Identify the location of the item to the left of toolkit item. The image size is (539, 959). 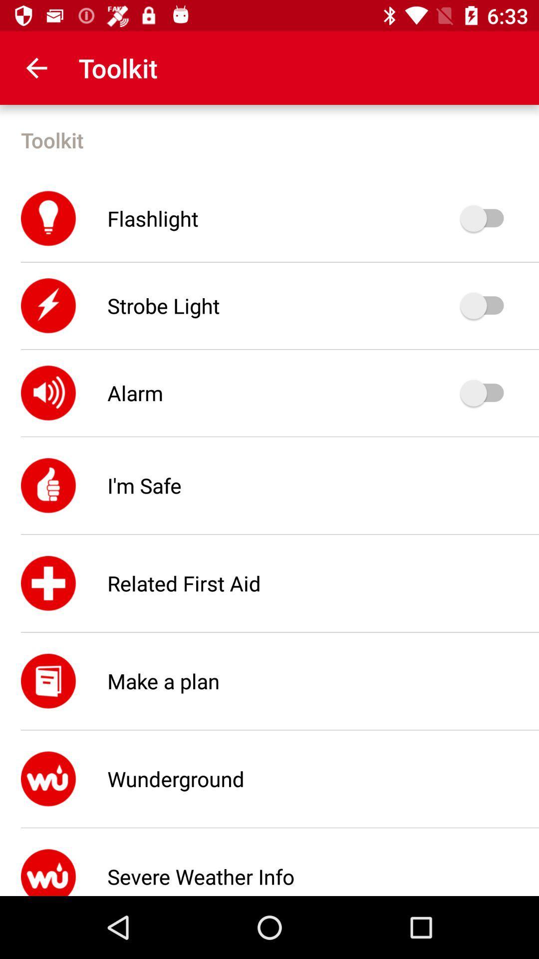
(36, 67).